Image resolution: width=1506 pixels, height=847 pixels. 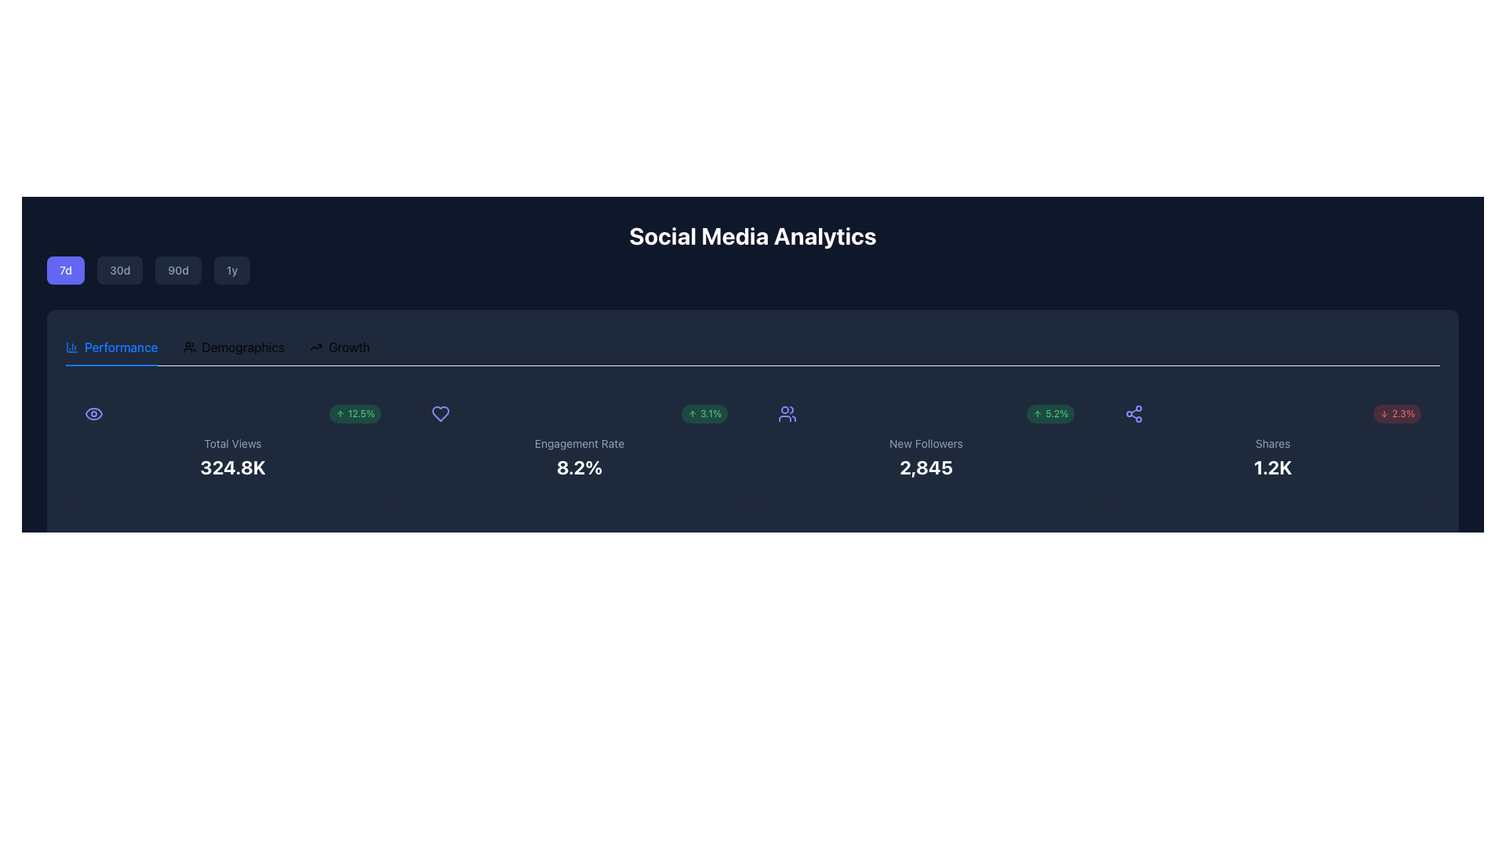 What do you see at coordinates (439, 413) in the screenshot?
I see `the heart-shaped icon outlined with a soft indigo stroke located in the 'Engagement Rate' section, positioned between 'Total Views' and 'New Followers'` at bounding box center [439, 413].